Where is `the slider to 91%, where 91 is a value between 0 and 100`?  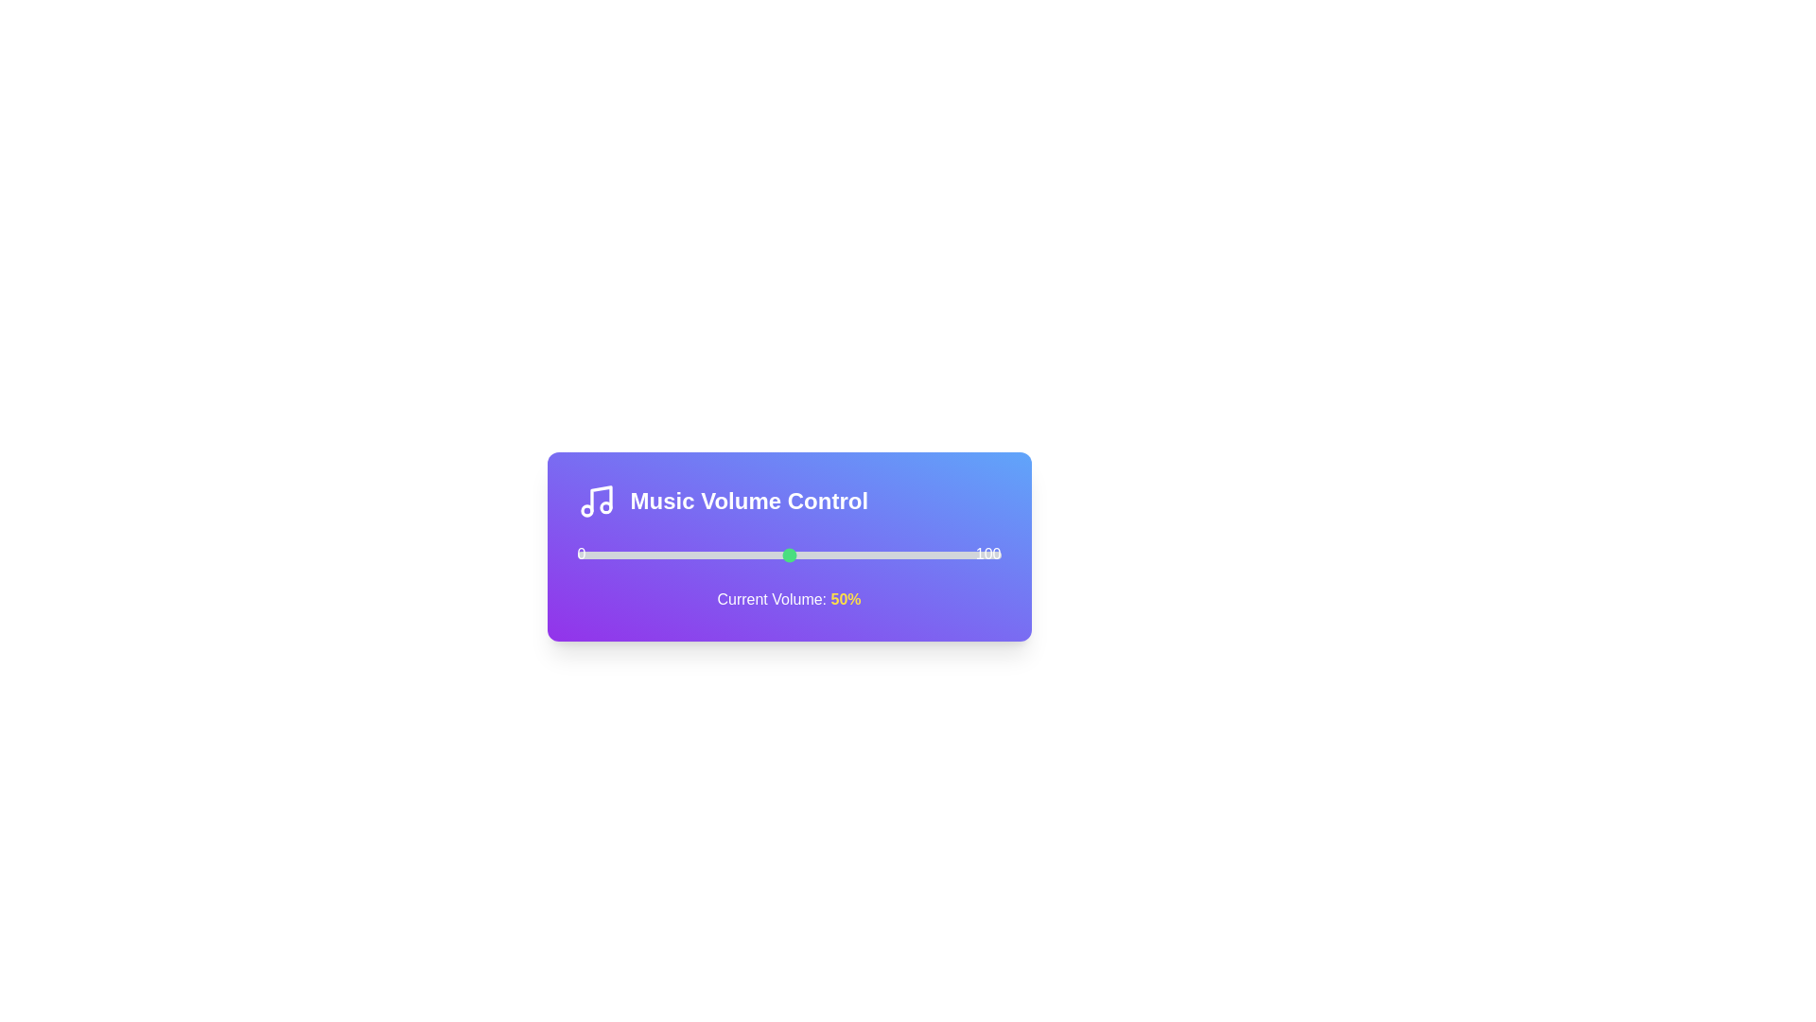
the slider to 91%, where 91 is a value between 0 and 100 is located at coordinates (963, 554).